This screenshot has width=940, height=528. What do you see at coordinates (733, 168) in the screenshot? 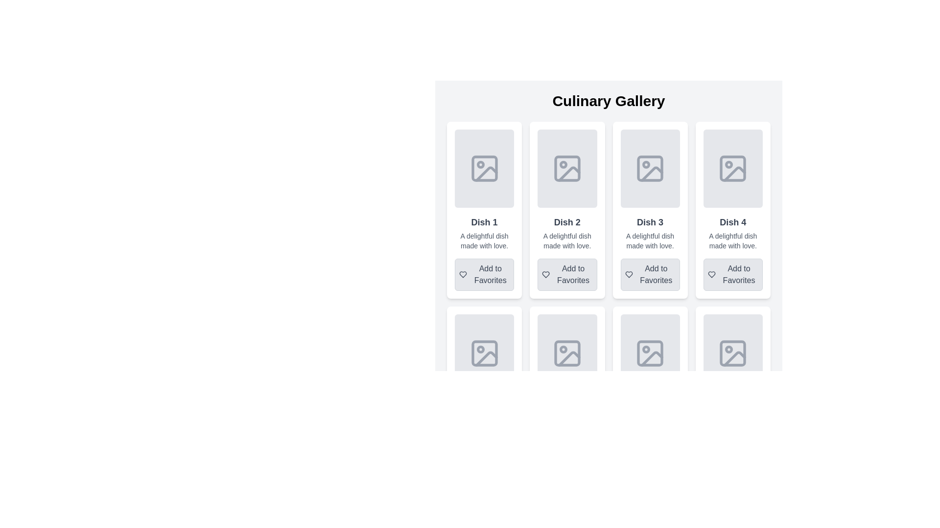
I see `the top-left rectangle of the image icon in the 'Dish 4' card within the 'Culinary Gallery' interface` at bounding box center [733, 168].